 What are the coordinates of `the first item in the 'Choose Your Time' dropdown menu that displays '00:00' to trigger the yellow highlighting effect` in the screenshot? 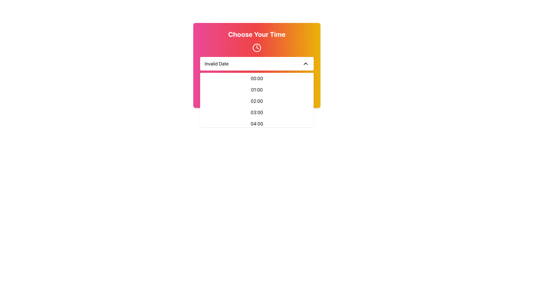 It's located at (257, 78).